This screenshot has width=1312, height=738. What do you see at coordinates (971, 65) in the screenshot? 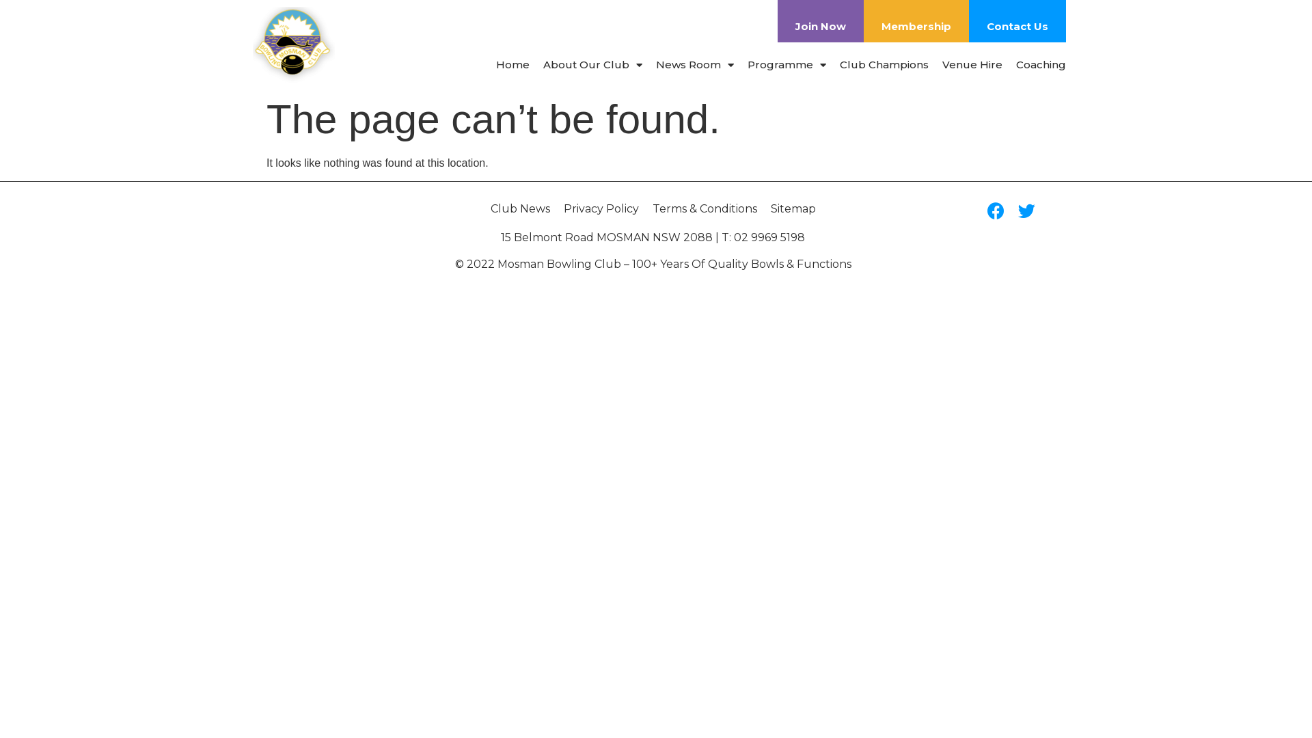
I see `'Venue Hire'` at bounding box center [971, 65].